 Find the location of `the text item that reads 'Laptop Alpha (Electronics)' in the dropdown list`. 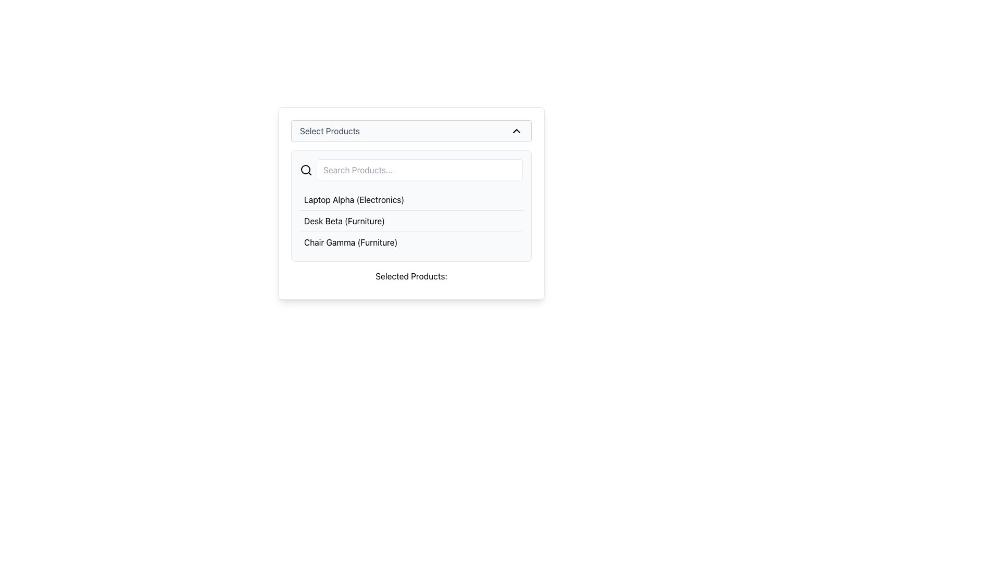

the text item that reads 'Laptop Alpha (Electronics)' in the dropdown list is located at coordinates (354, 200).